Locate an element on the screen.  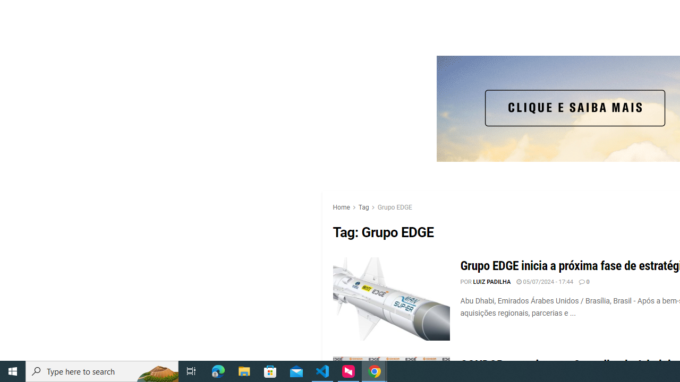
'Tag' is located at coordinates (363, 207).